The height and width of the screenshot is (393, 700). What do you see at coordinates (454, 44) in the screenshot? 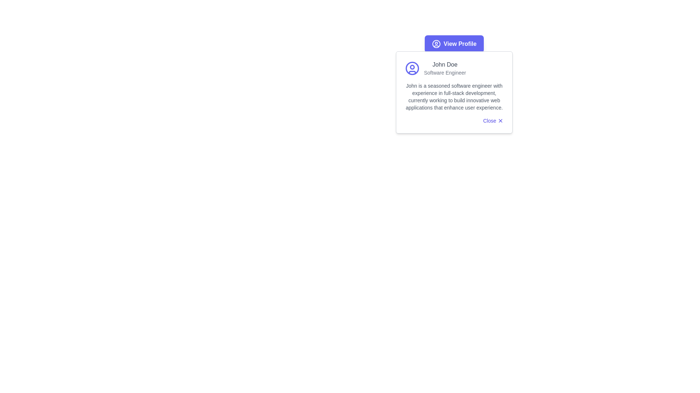
I see `the button at the top of the modal card` at bounding box center [454, 44].